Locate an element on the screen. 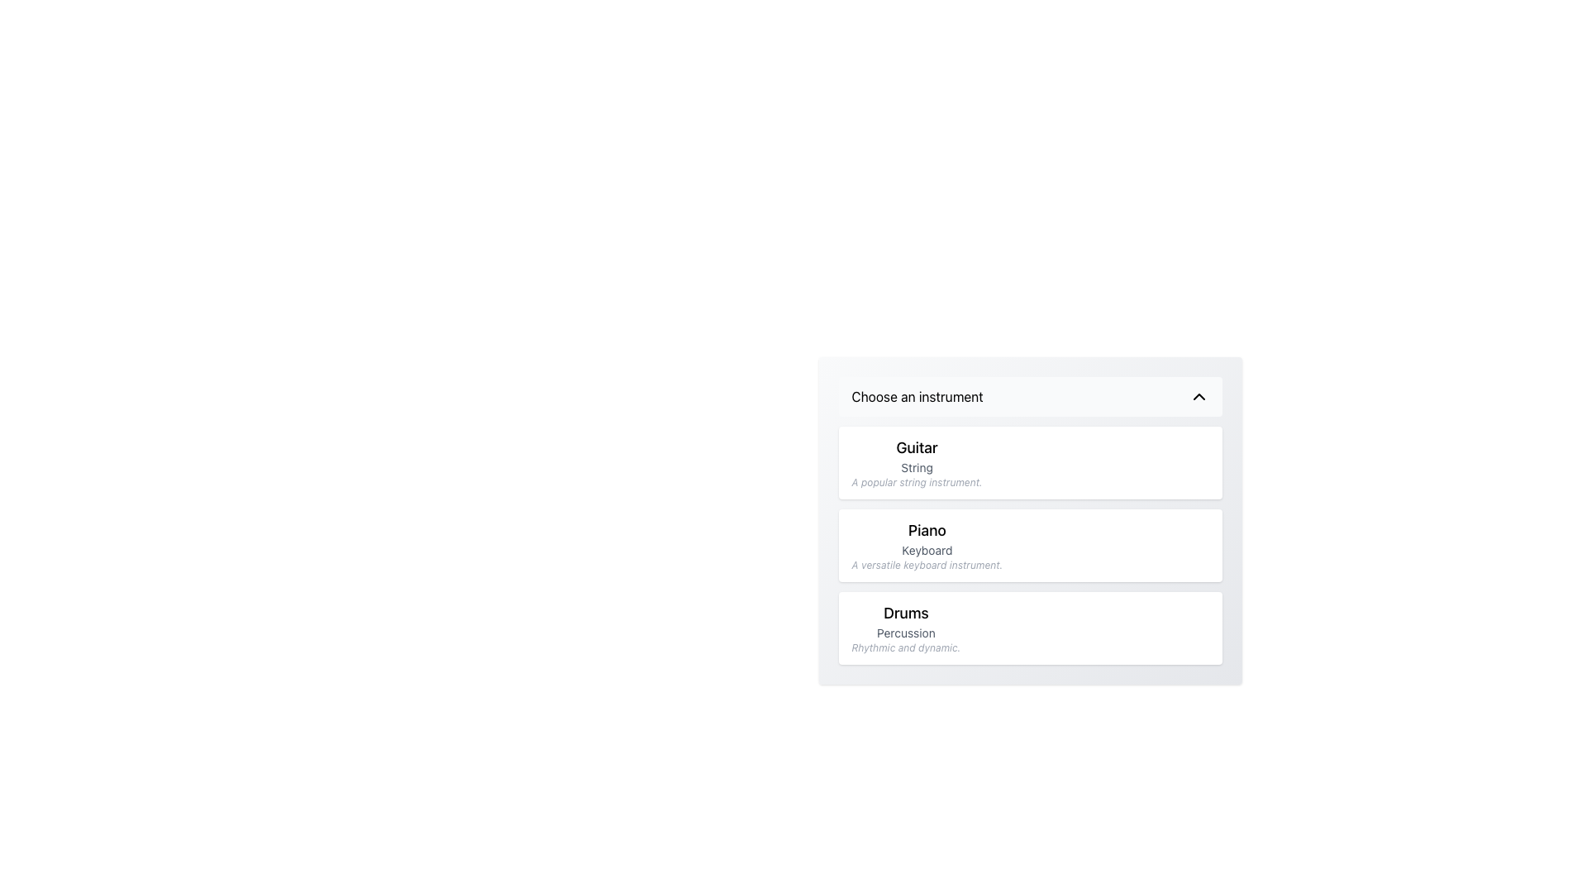 Image resolution: width=1587 pixels, height=893 pixels. the first List Item representing 'Guitar' in the vertical list of musical instruments is located at coordinates (916, 462).